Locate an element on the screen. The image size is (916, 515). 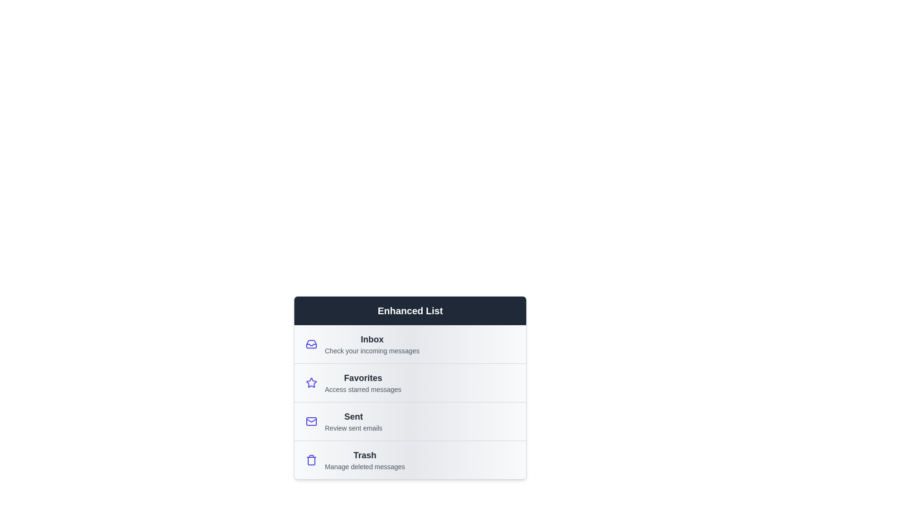
the 'Sent' icon, which is the left-most icon in the row labeled 'Sent' under the 'Enhanced List' heading, indicating its association with sent emails is located at coordinates (311, 421).